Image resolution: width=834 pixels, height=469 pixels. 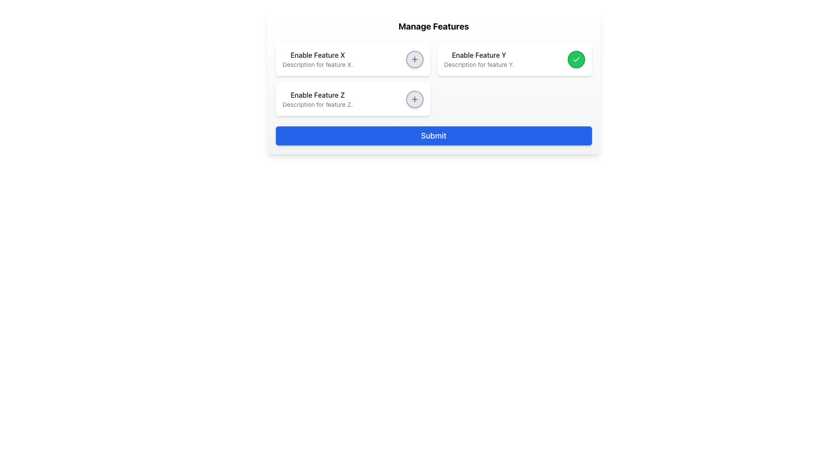 I want to click on the wide rectangular 'Submit' button located at the bottom of the section with a blue background and white text, so click(x=434, y=135).